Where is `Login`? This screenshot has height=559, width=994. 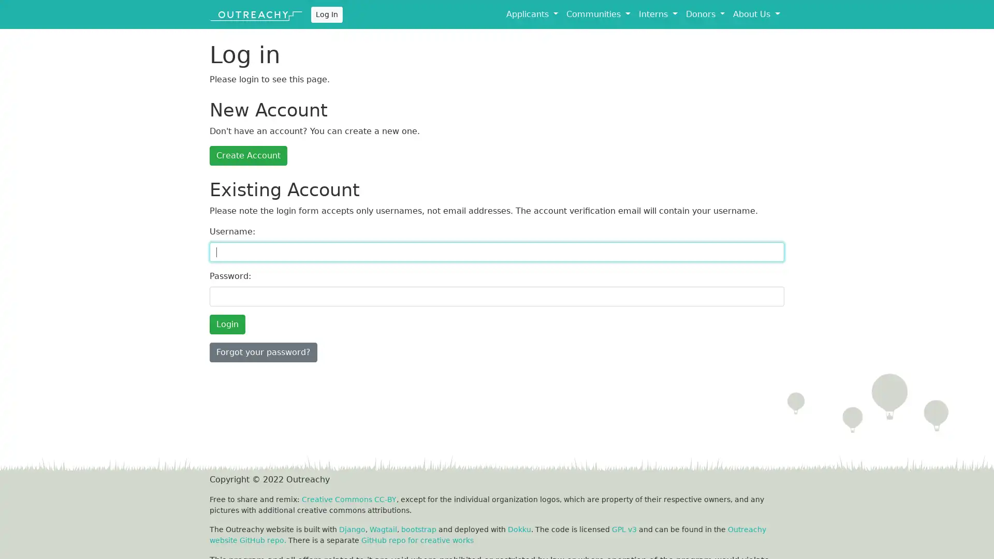
Login is located at coordinates (227, 324).